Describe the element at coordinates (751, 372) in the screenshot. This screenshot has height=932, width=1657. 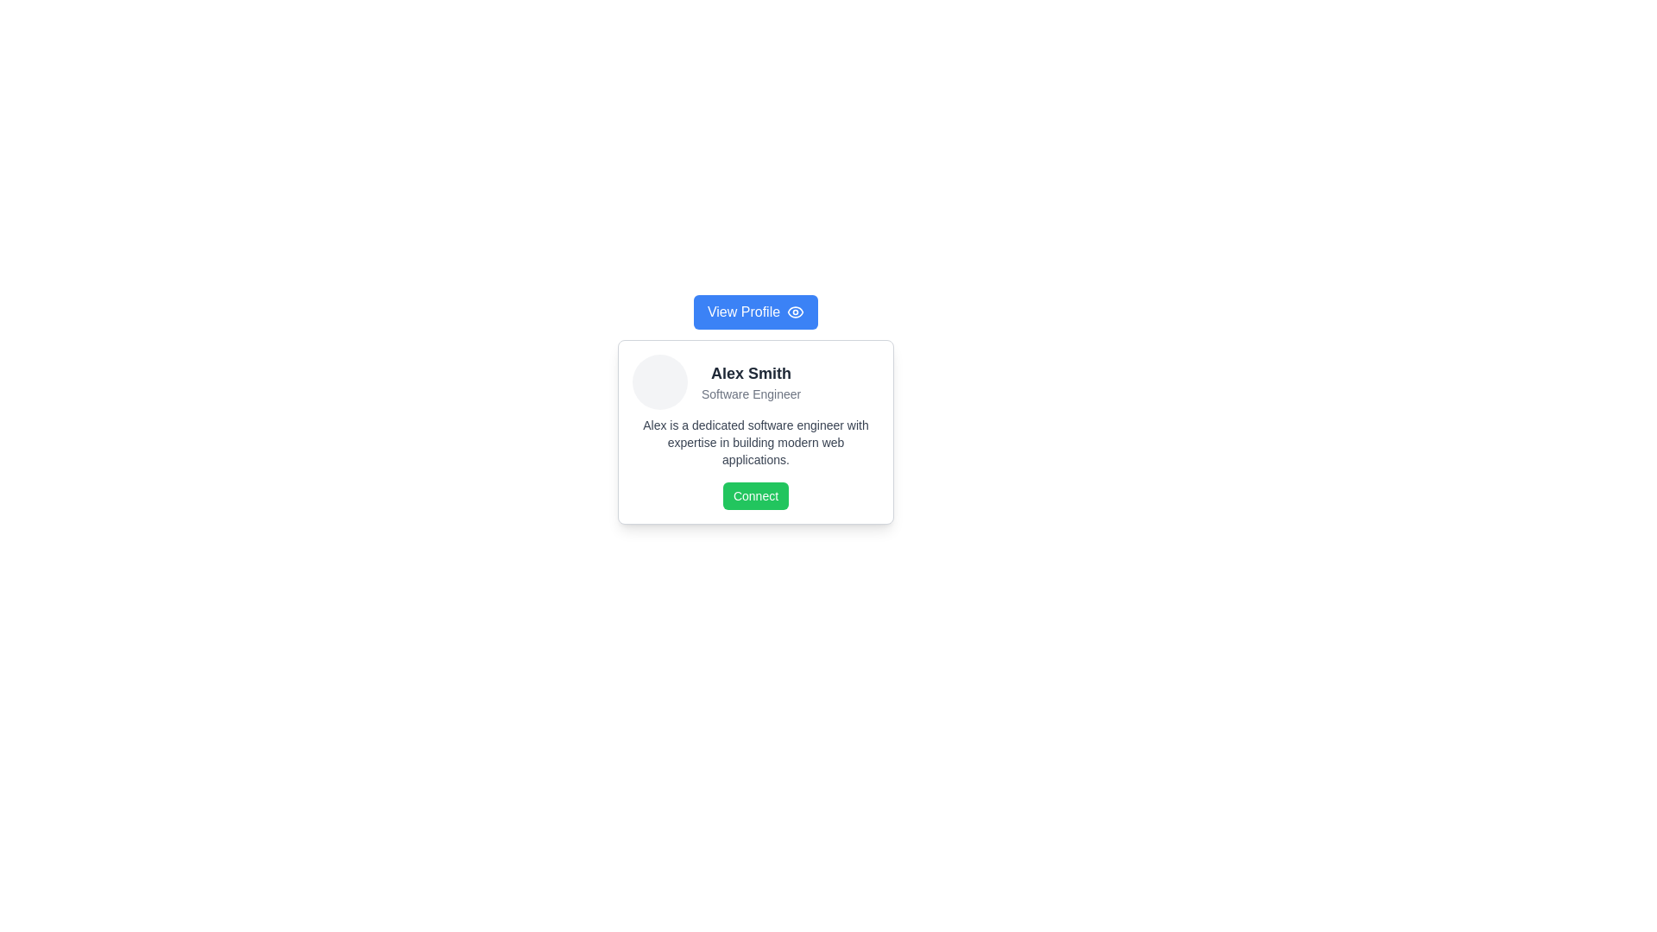
I see `the text label displaying 'Alex Smith' which is bold and dark gray, located beneath the avatar in the user profile card` at that location.